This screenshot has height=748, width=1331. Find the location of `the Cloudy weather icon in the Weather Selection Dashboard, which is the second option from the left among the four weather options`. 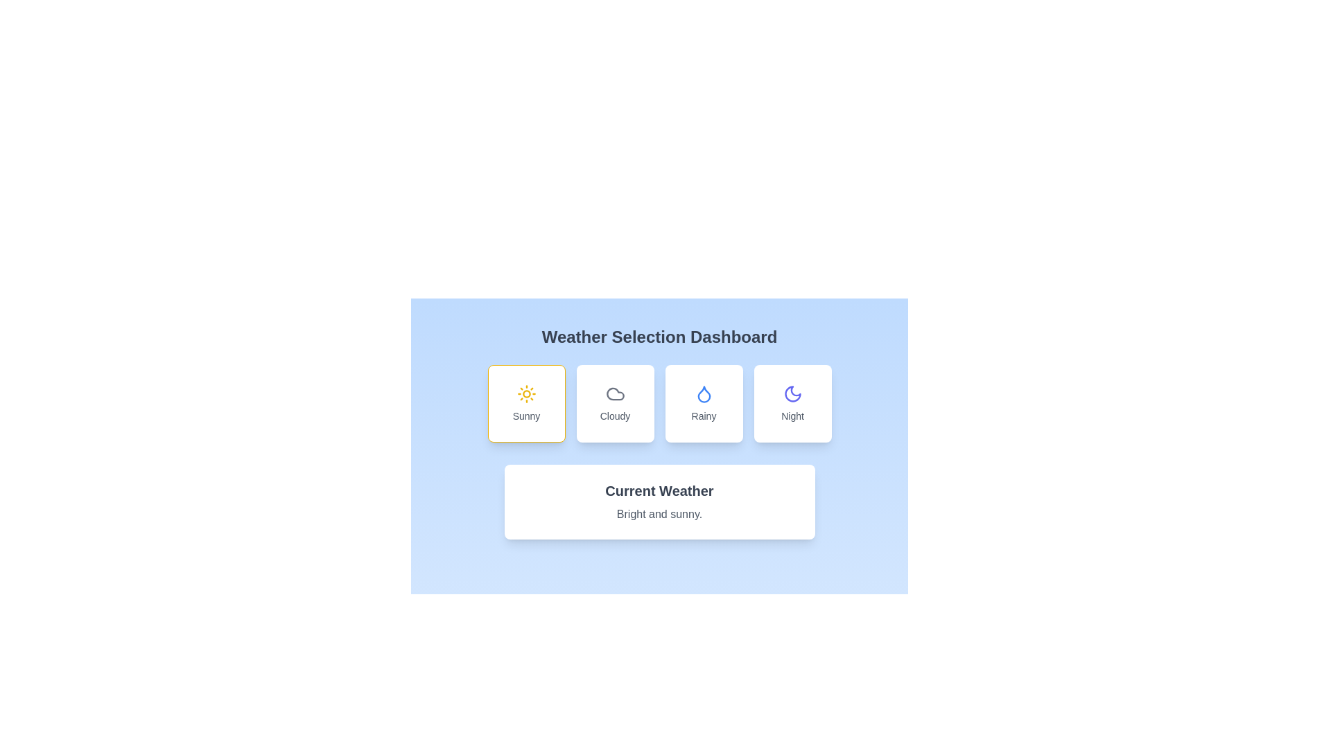

the Cloudy weather icon in the Weather Selection Dashboard, which is the second option from the left among the four weather options is located at coordinates (614, 394).